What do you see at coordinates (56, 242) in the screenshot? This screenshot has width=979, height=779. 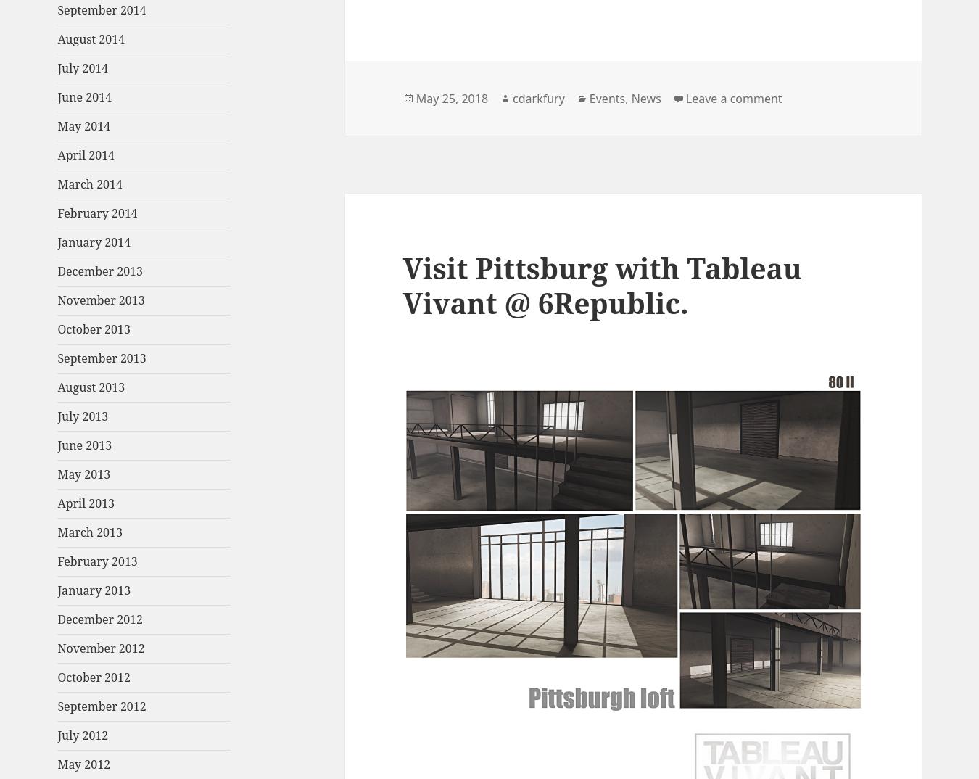 I see `'January 2014'` at bounding box center [56, 242].